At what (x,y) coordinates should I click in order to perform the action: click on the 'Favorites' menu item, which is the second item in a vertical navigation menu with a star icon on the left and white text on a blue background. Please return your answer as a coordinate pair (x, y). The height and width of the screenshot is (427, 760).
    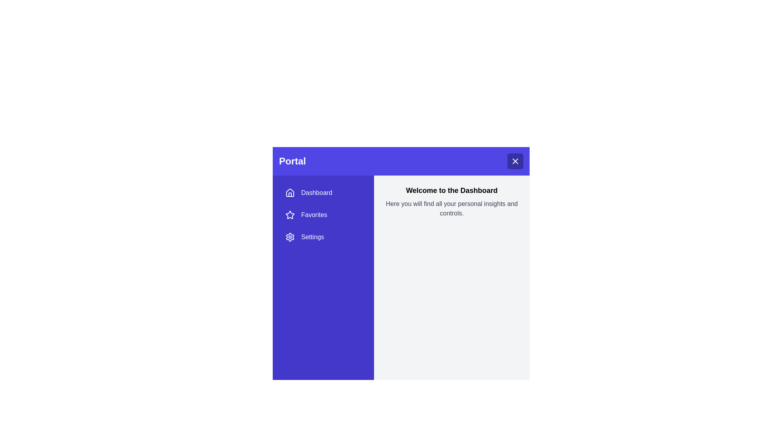
    Looking at the image, I should click on (323, 215).